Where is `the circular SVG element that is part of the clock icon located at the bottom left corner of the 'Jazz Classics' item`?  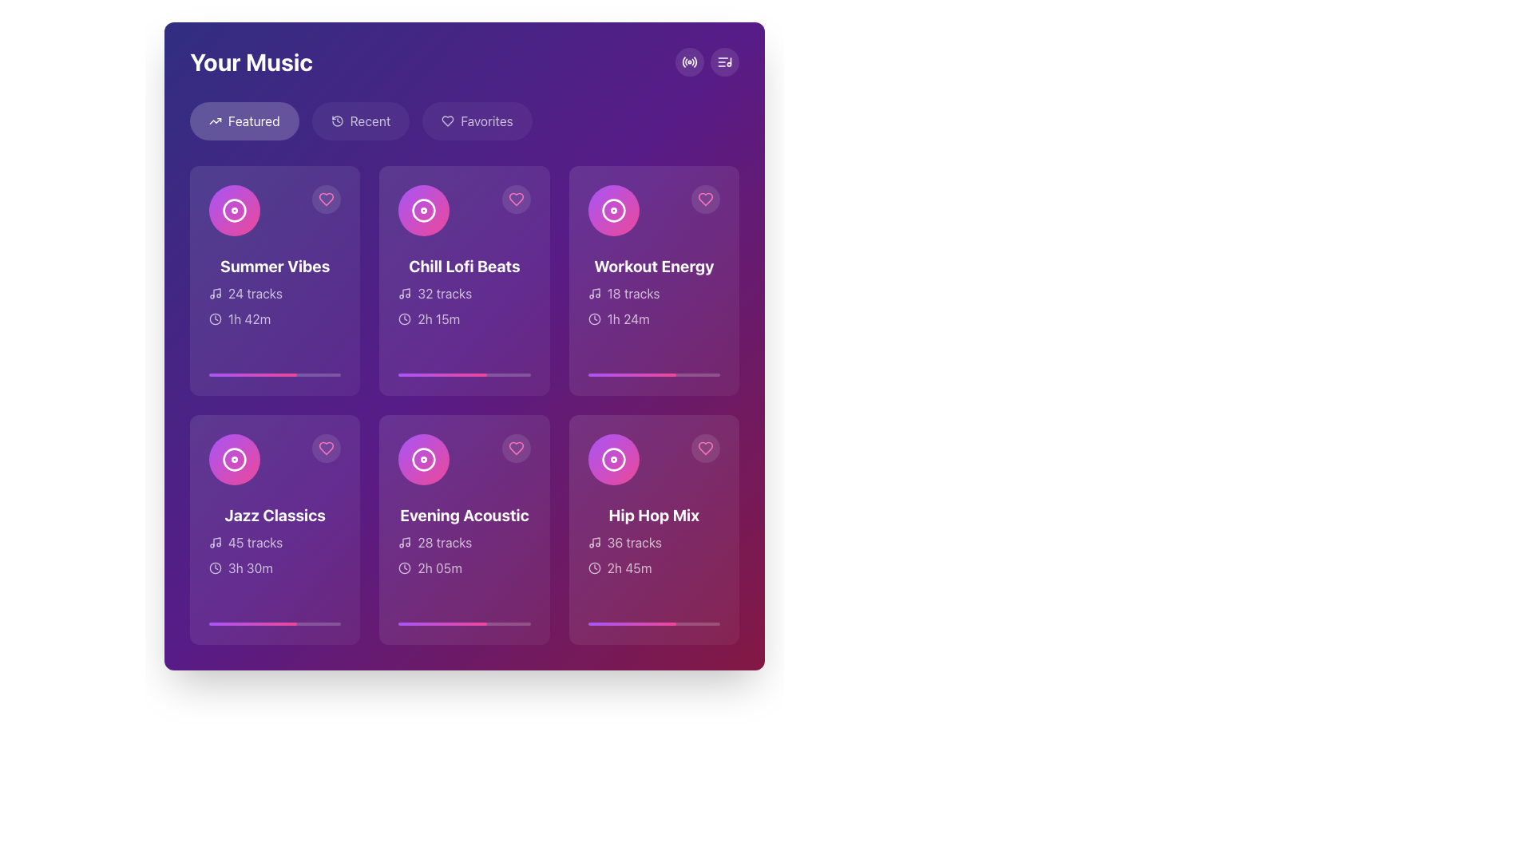
the circular SVG element that is part of the clock icon located at the bottom left corner of the 'Jazz Classics' item is located at coordinates (214, 567).